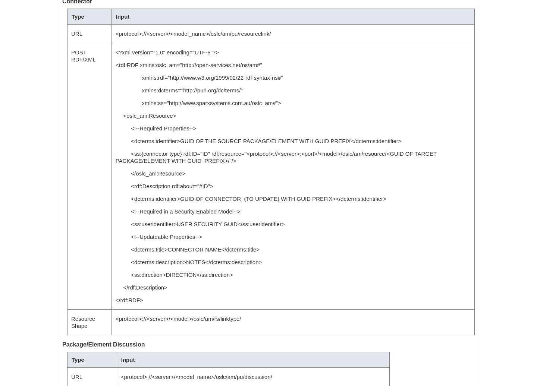 This screenshot has height=386, width=537. What do you see at coordinates (115, 141) in the screenshot?
I see `'<dcterms:identifier>GUID OF THE SOURCE PACKAGE/ELEMENT WITH GUID PREFIX</dcterms:identifier>'` at bounding box center [115, 141].